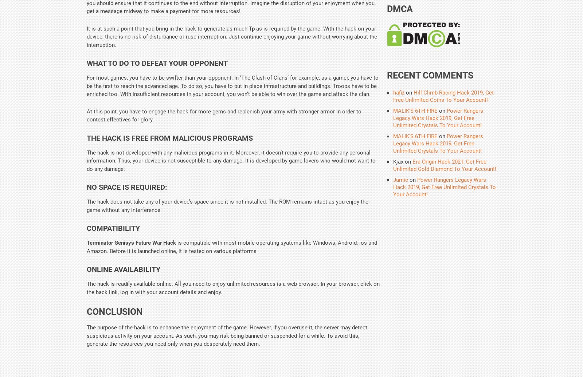 This screenshot has height=377, width=583. What do you see at coordinates (400, 8) in the screenshot?
I see `'DMCA'` at bounding box center [400, 8].